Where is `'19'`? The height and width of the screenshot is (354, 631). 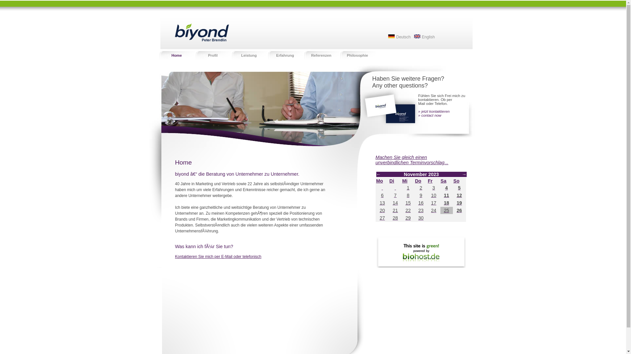 '19' is located at coordinates (459, 202).